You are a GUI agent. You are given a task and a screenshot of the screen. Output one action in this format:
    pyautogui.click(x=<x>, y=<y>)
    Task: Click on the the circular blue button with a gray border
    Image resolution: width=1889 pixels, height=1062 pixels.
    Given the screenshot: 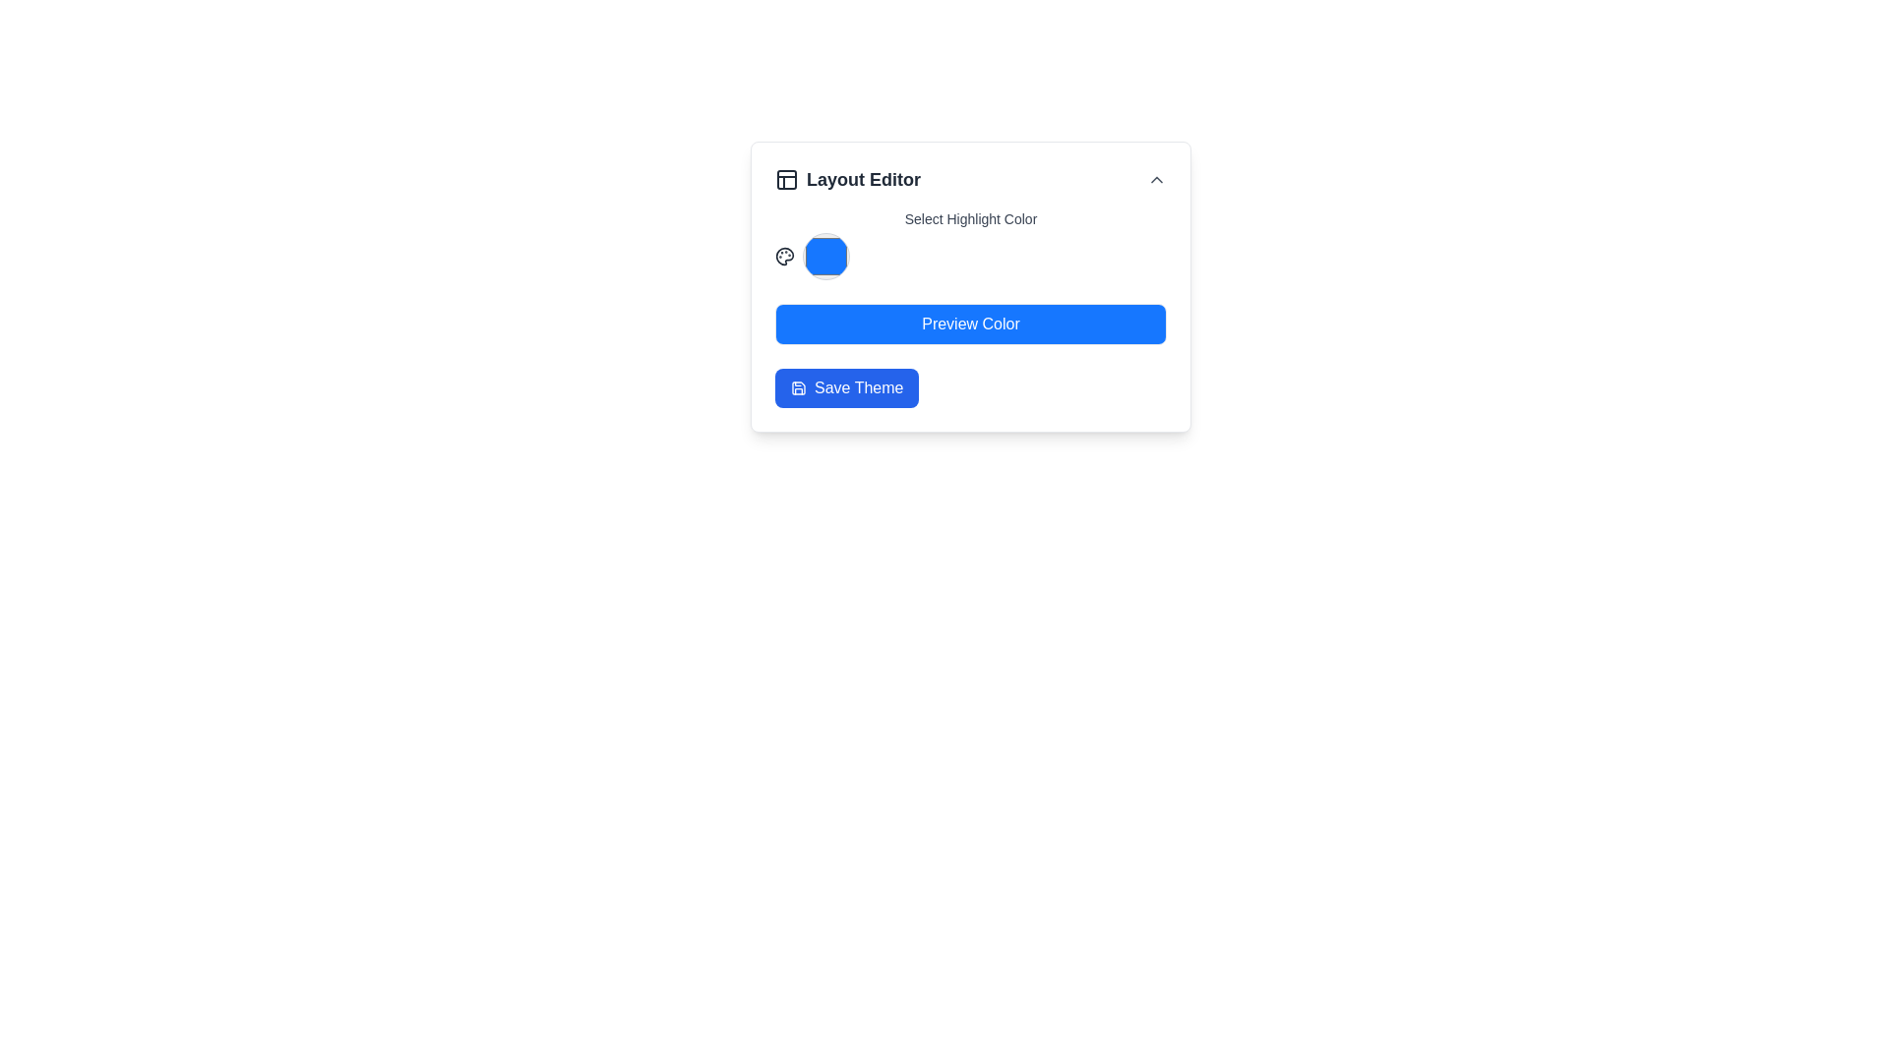 What is the action you would take?
    pyautogui.click(x=826, y=256)
    